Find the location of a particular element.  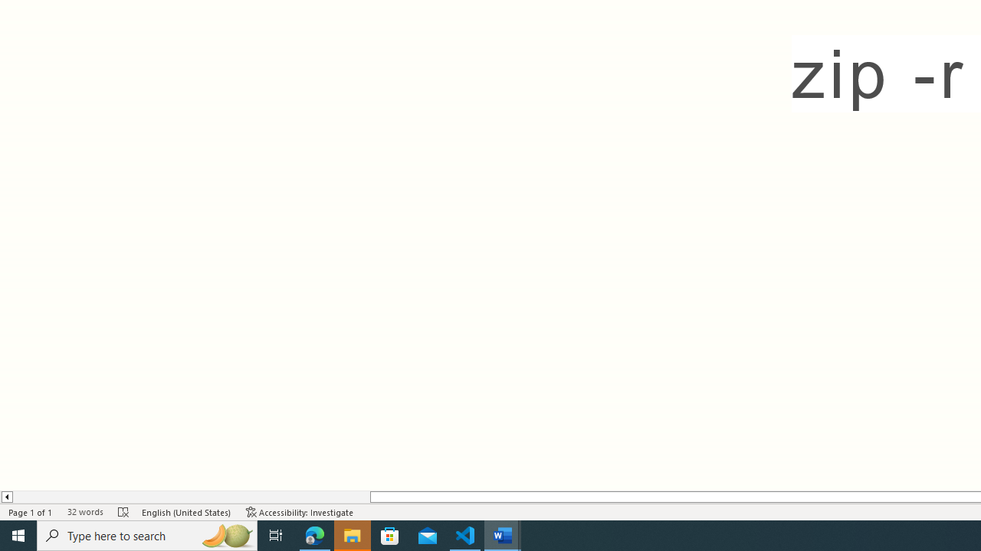

'Page left' is located at coordinates (190, 497).